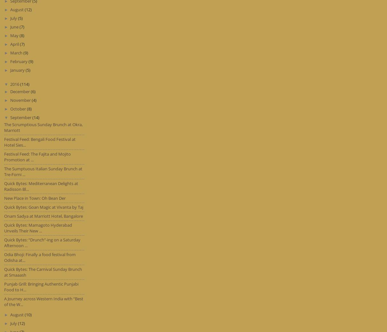 The height and width of the screenshot is (332, 387). Describe the element at coordinates (32, 117) in the screenshot. I see `'(14)'` at that location.